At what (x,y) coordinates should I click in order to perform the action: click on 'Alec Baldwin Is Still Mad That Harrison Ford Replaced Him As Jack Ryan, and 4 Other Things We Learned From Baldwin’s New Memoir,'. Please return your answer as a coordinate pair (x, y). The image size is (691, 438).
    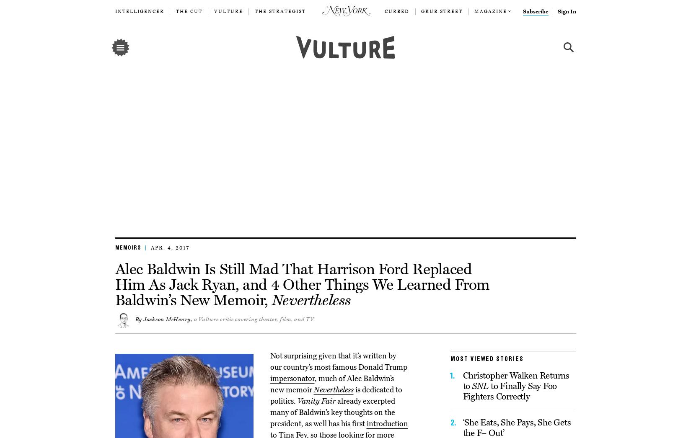
    Looking at the image, I should click on (115, 284).